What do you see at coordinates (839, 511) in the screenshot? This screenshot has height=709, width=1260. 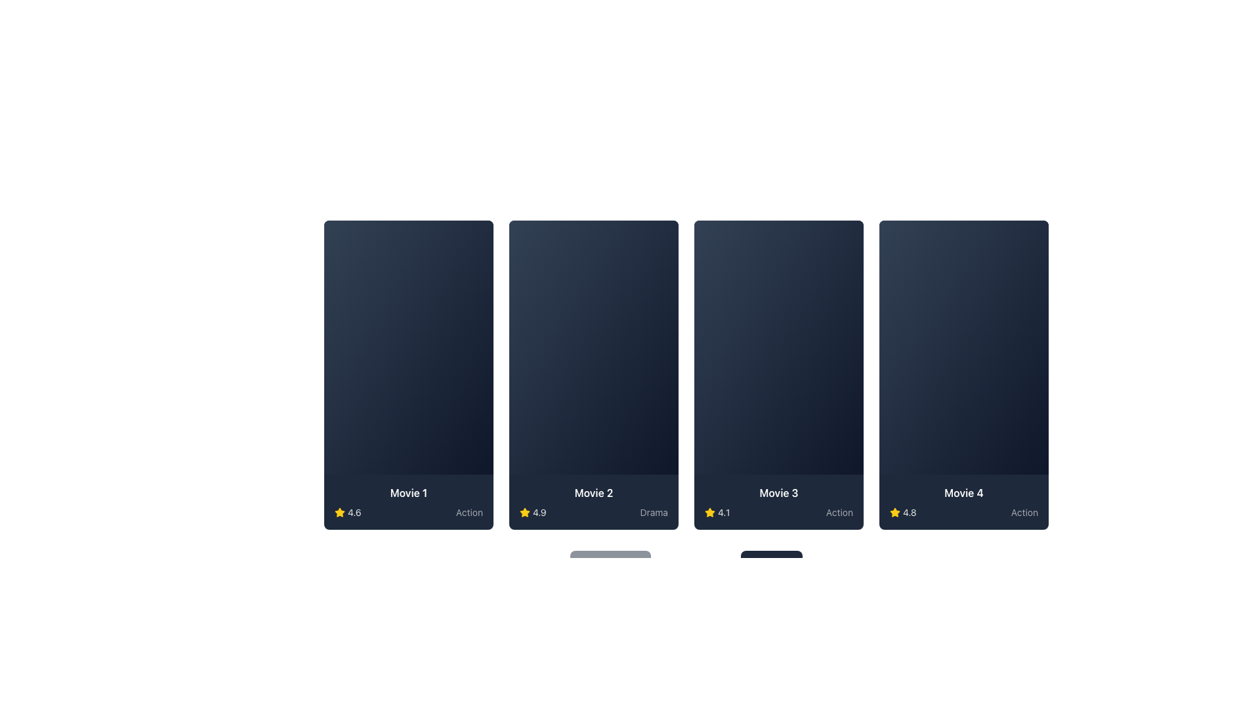 I see `the text label indicating the genre of the movie 'Action', located in the bottom-right corner of the third card, 'Movie 3'` at bounding box center [839, 511].